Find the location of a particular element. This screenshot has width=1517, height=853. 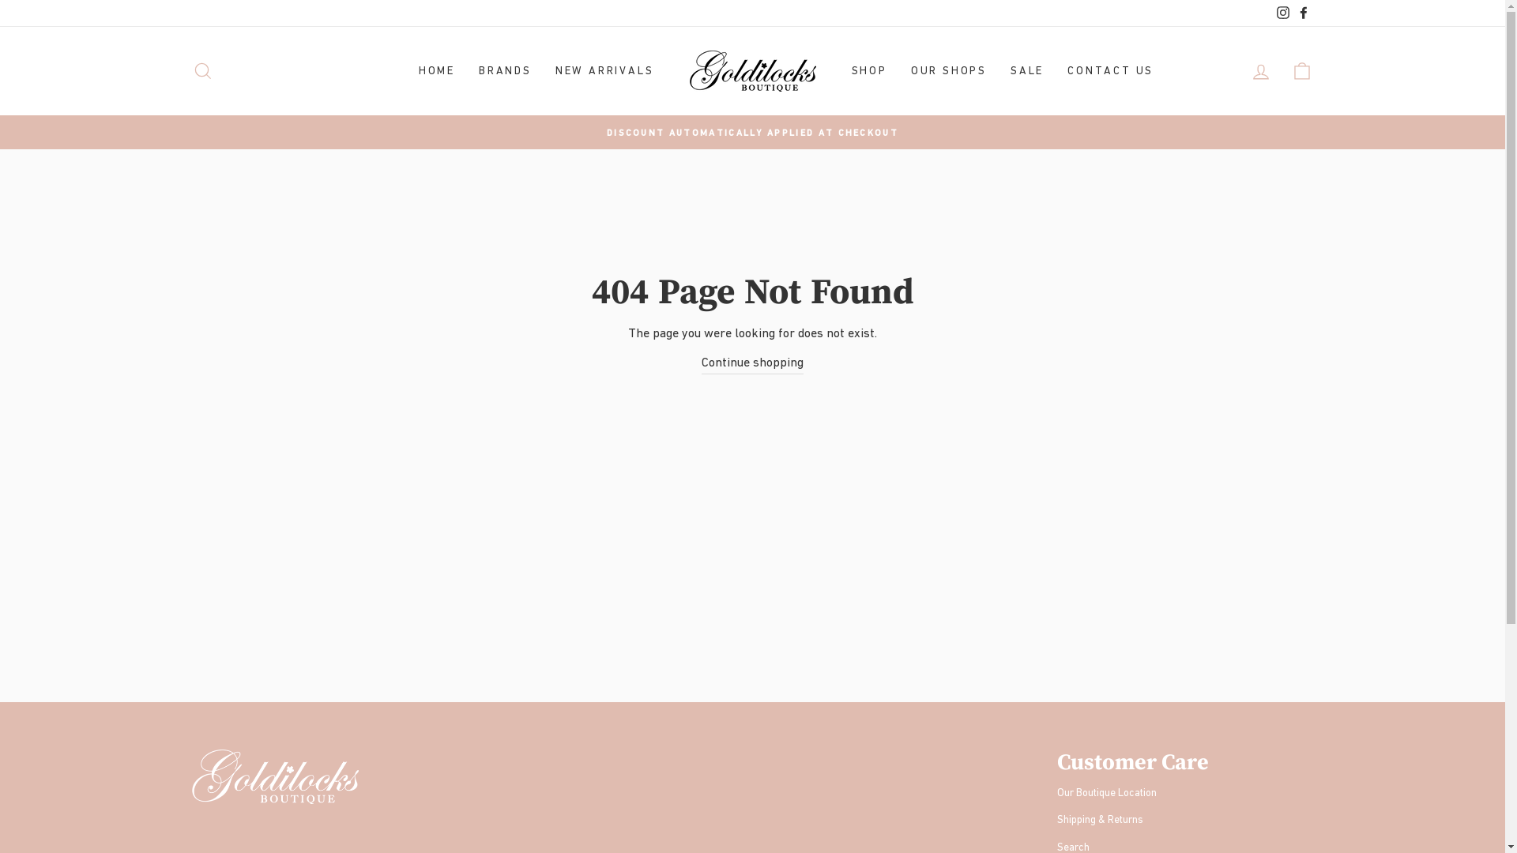

'CART' is located at coordinates (1301, 71).